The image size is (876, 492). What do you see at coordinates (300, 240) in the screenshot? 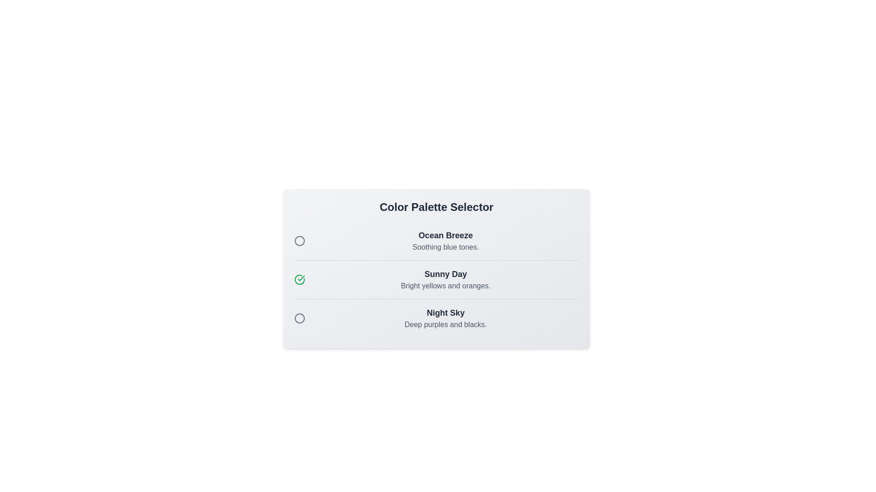
I see `the color palette Ocean Breeze` at bounding box center [300, 240].